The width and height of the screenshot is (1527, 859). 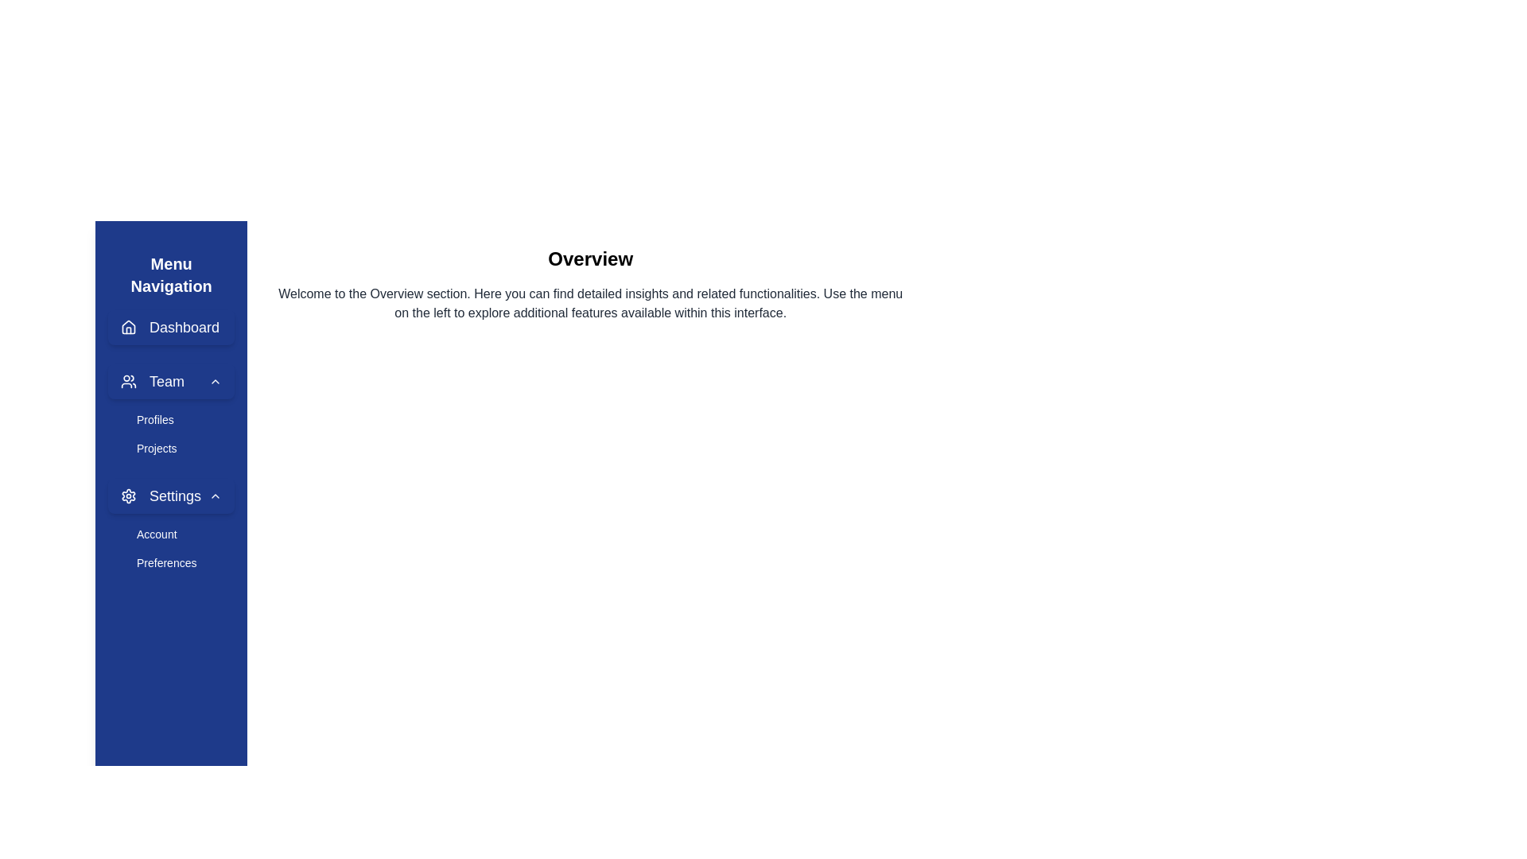 What do you see at coordinates (129, 496) in the screenshot?
I see `the gear icon in the left-side navigation bar under the 'Settings' menu item` at bounding box center [129, 496].